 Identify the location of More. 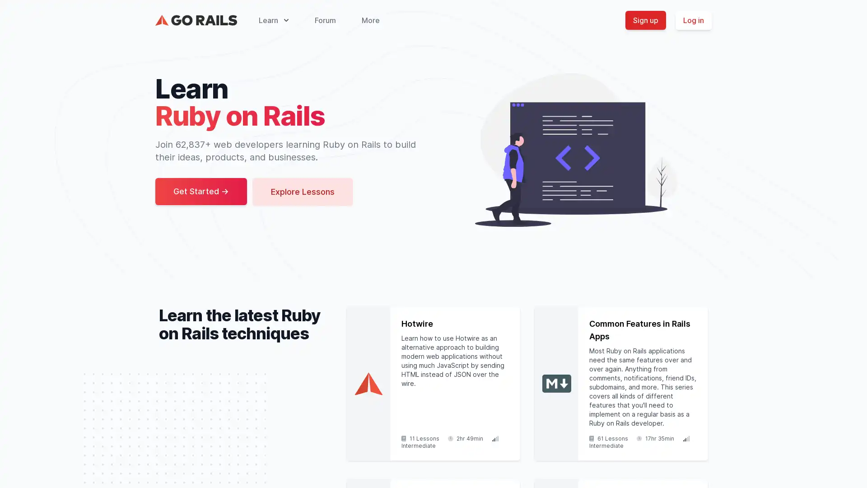
(370, 20).